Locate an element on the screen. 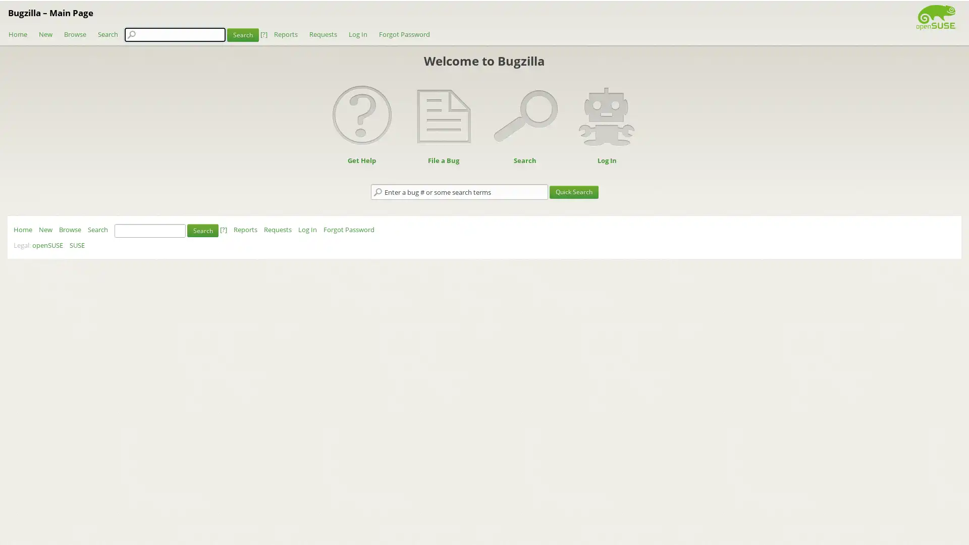  Search is located at coordinates (202, 230).